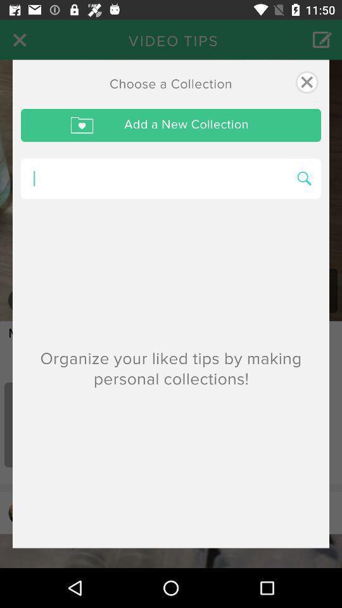  I want to click on searching box, so click(154, 178).